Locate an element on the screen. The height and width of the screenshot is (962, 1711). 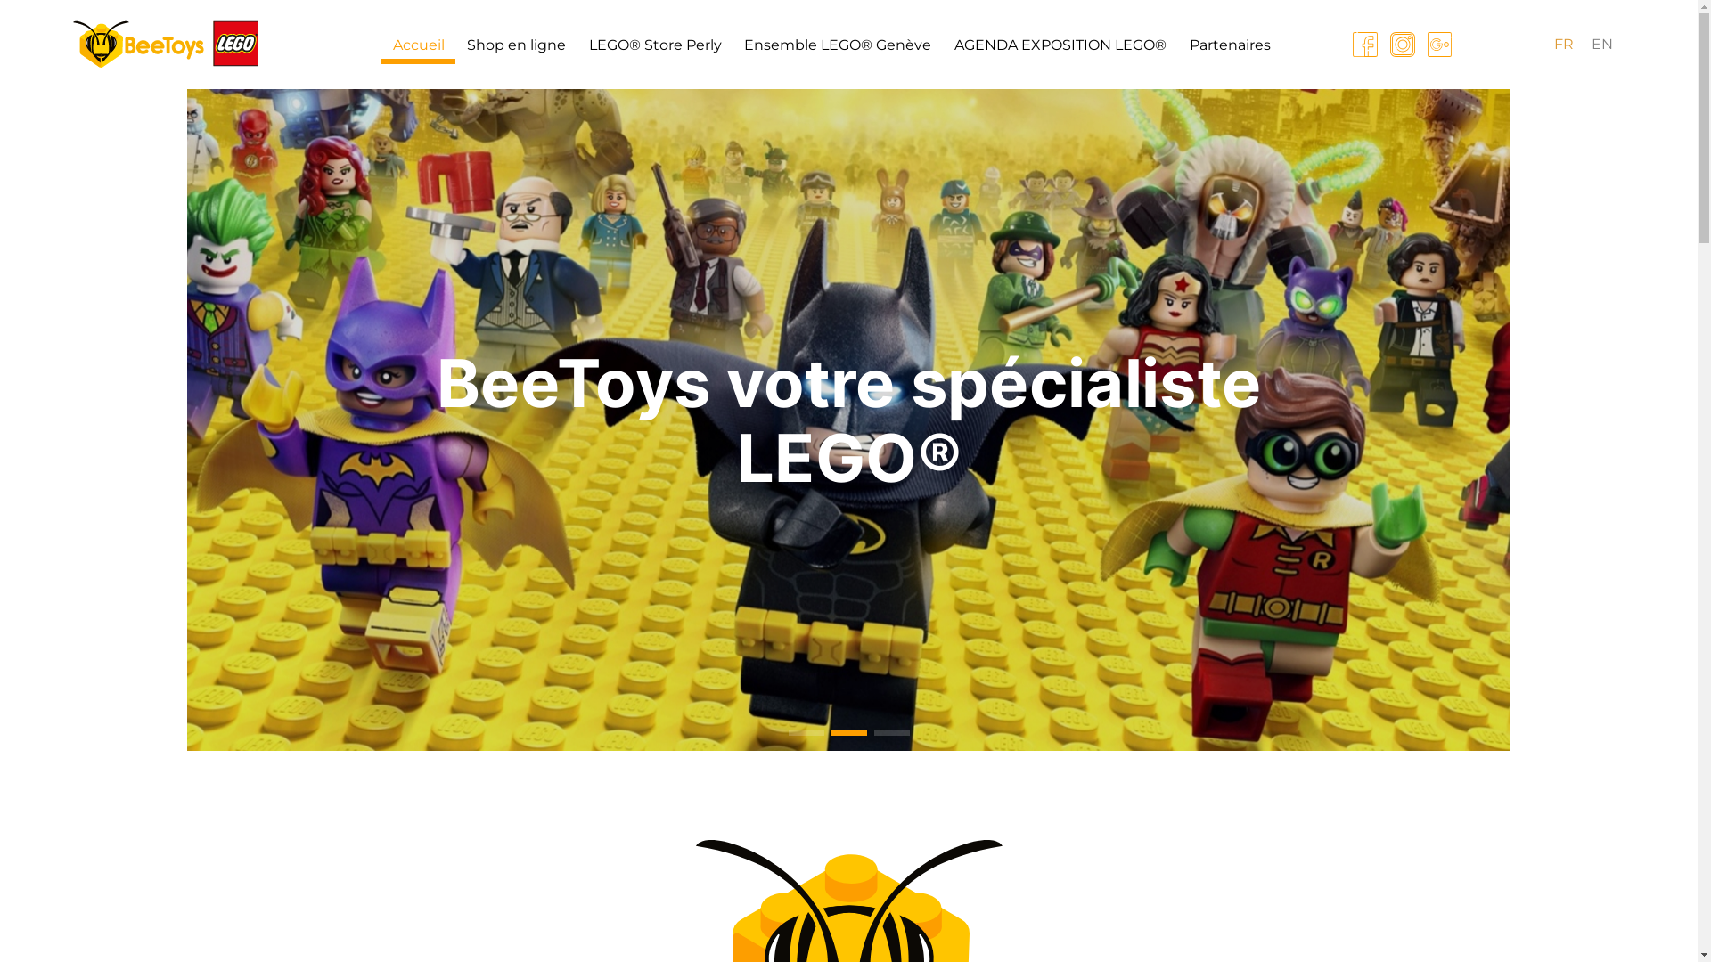
'EN' is located at coordinates (1602, 44).